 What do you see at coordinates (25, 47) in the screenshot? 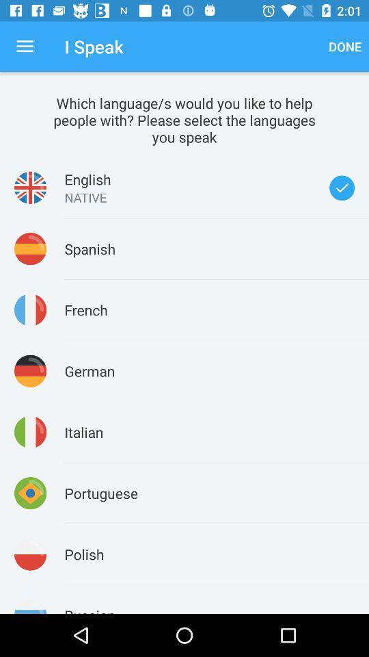
I see `the icon to the left of the i speak` at bounding box center [25, 47].